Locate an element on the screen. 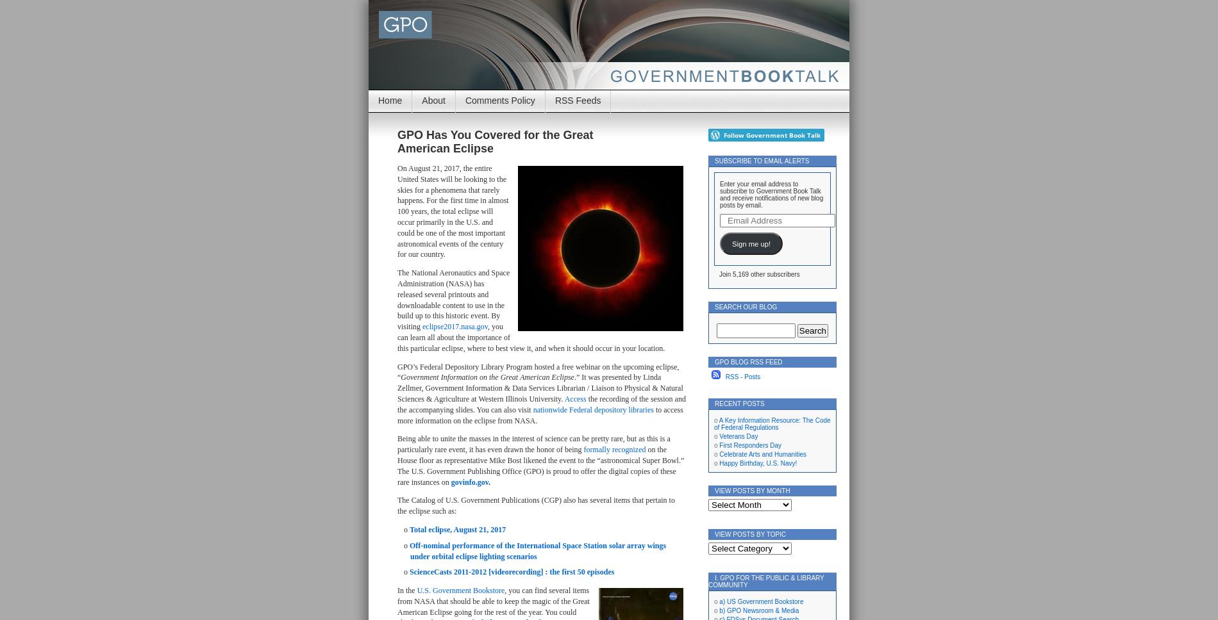  'Happy Birthday, U.S. Navy!' is located at coordinates (719, 462).